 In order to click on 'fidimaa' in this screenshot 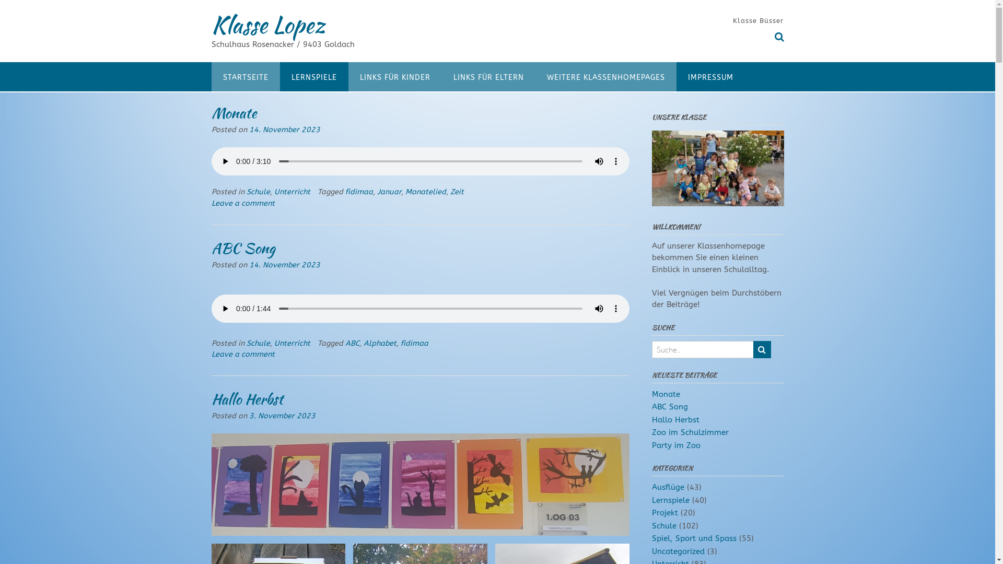, I will do `click(358, 192)`.